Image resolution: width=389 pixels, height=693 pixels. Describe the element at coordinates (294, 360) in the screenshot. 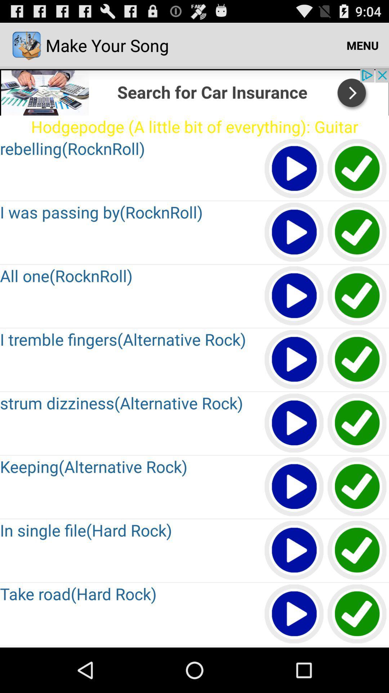

I see `pause` at that location.